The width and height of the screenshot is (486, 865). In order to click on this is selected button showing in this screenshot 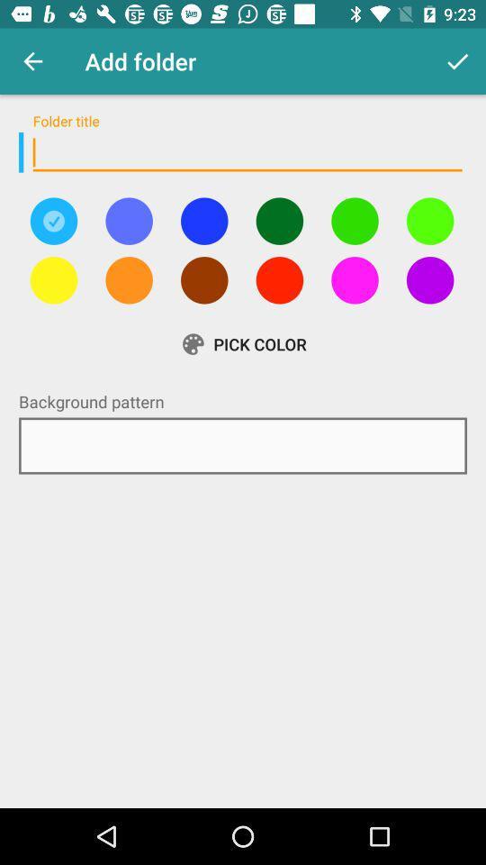, I will do `click(53, 220)`.